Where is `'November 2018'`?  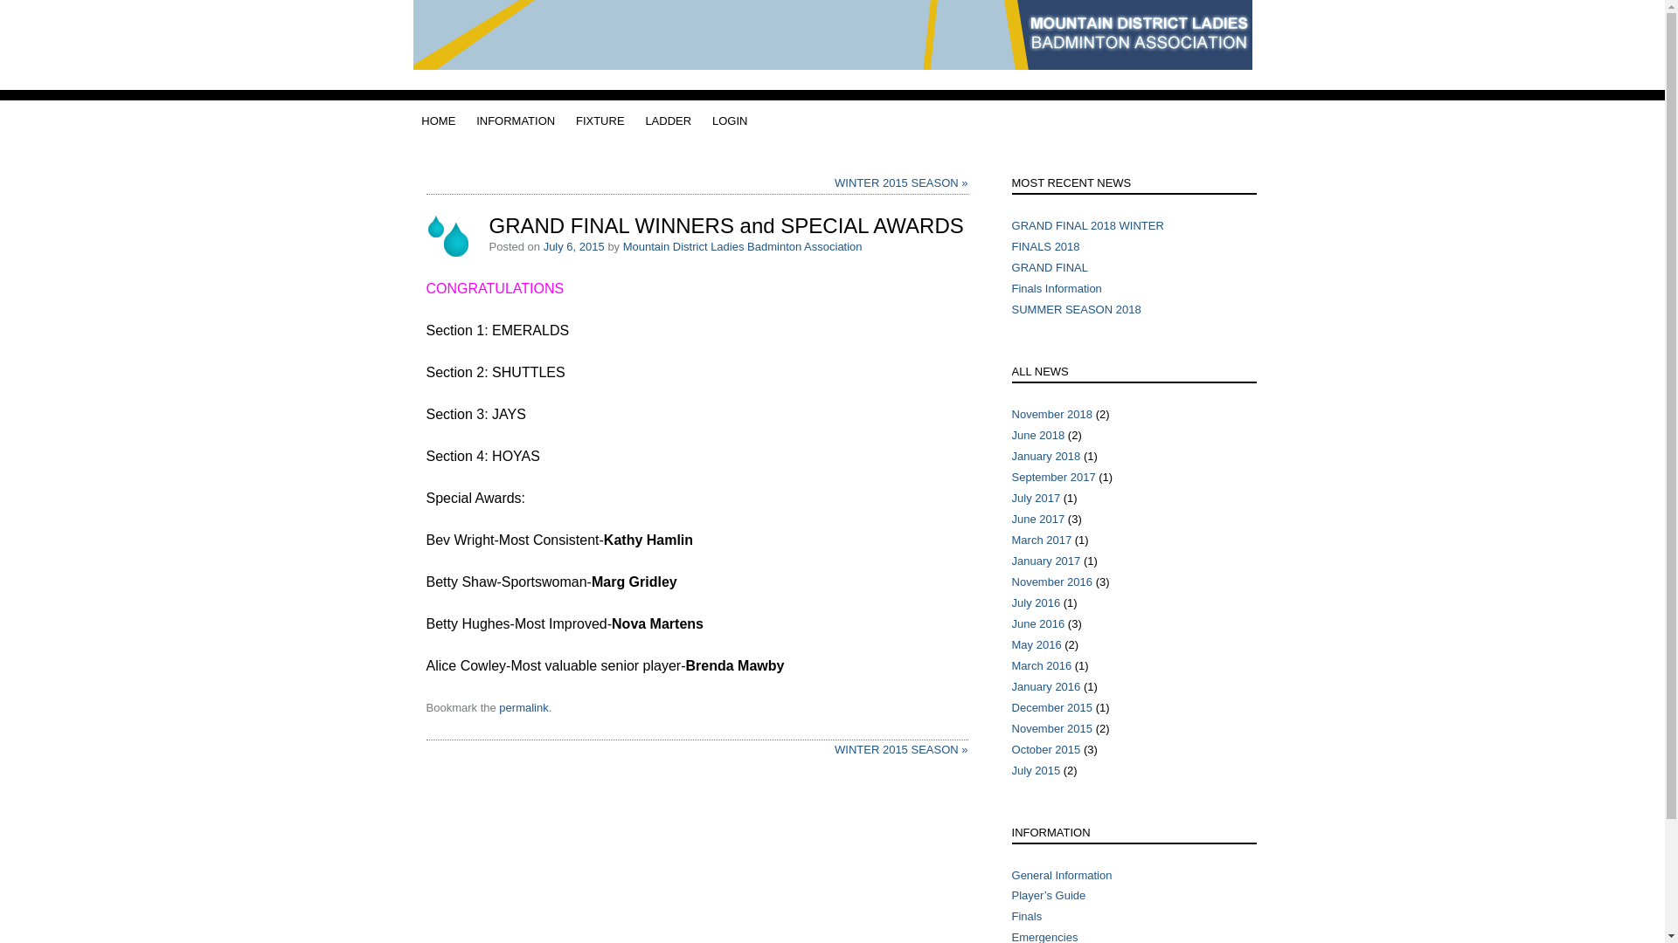
'November 2018' is located at coordinates (1011, 414).